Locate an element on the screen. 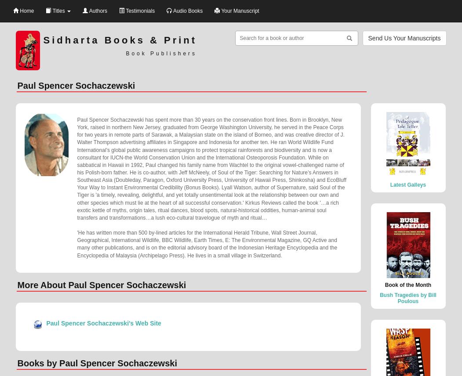  ''He has written more than 500 by-lined articles for the International Herald Tribune, Wall Street Journal, Geographical, International Wildlife, BBC Wildlife, Earth Times, E: The Environmental Magazine, GQ Active and many other publications, and is on the editorial advisory board of the Indonesian Heritage Encyclopedia and the Encyclopedia of Malaysia (Archipelago Press). He lives in a small village in Switzerland.' is located at coordinates (76, 243).